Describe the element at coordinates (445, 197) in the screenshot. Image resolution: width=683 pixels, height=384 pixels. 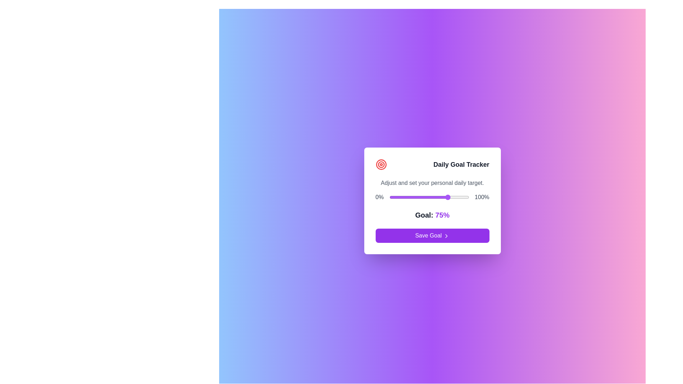
I see `the goal slider to 71%` at that location.